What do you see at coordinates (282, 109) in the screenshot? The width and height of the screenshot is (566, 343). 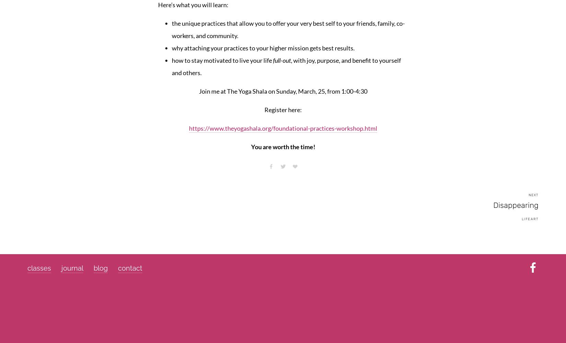 I see `'Register here:'` at bounding box center [282, 109].